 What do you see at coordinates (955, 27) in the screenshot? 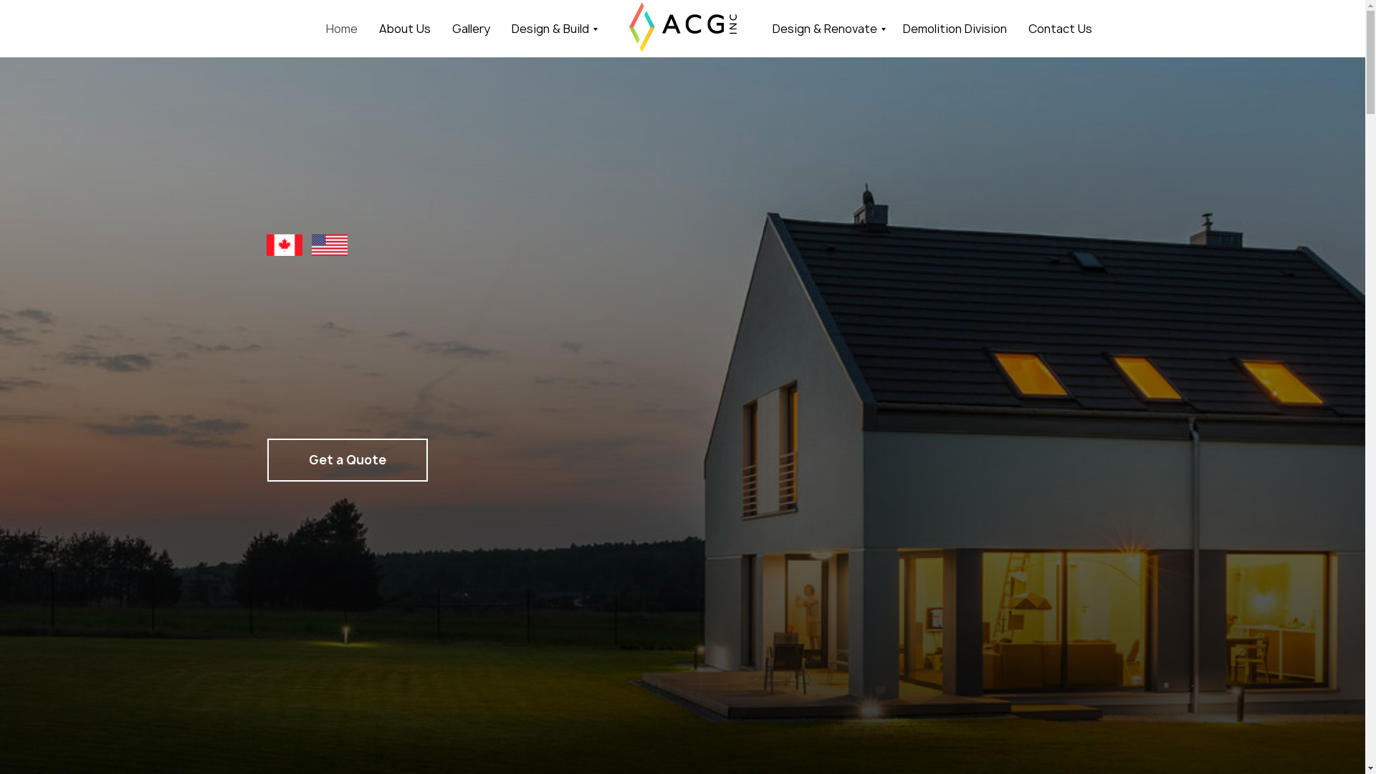
I see `'Demolition Division'` at bounding box center [955, 27].